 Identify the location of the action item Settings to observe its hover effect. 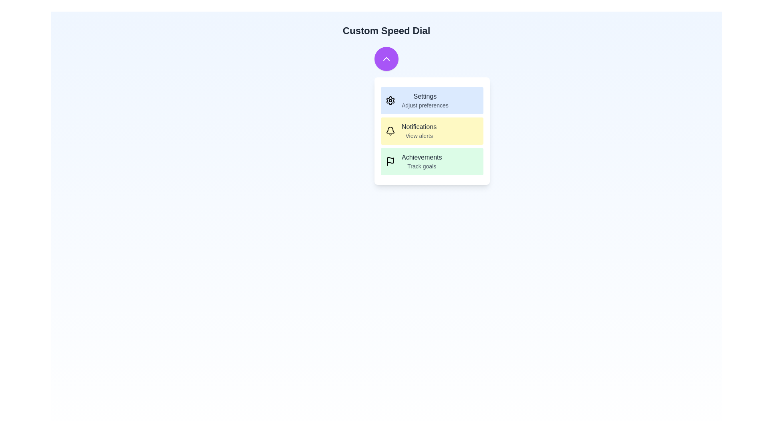
(432, 100).